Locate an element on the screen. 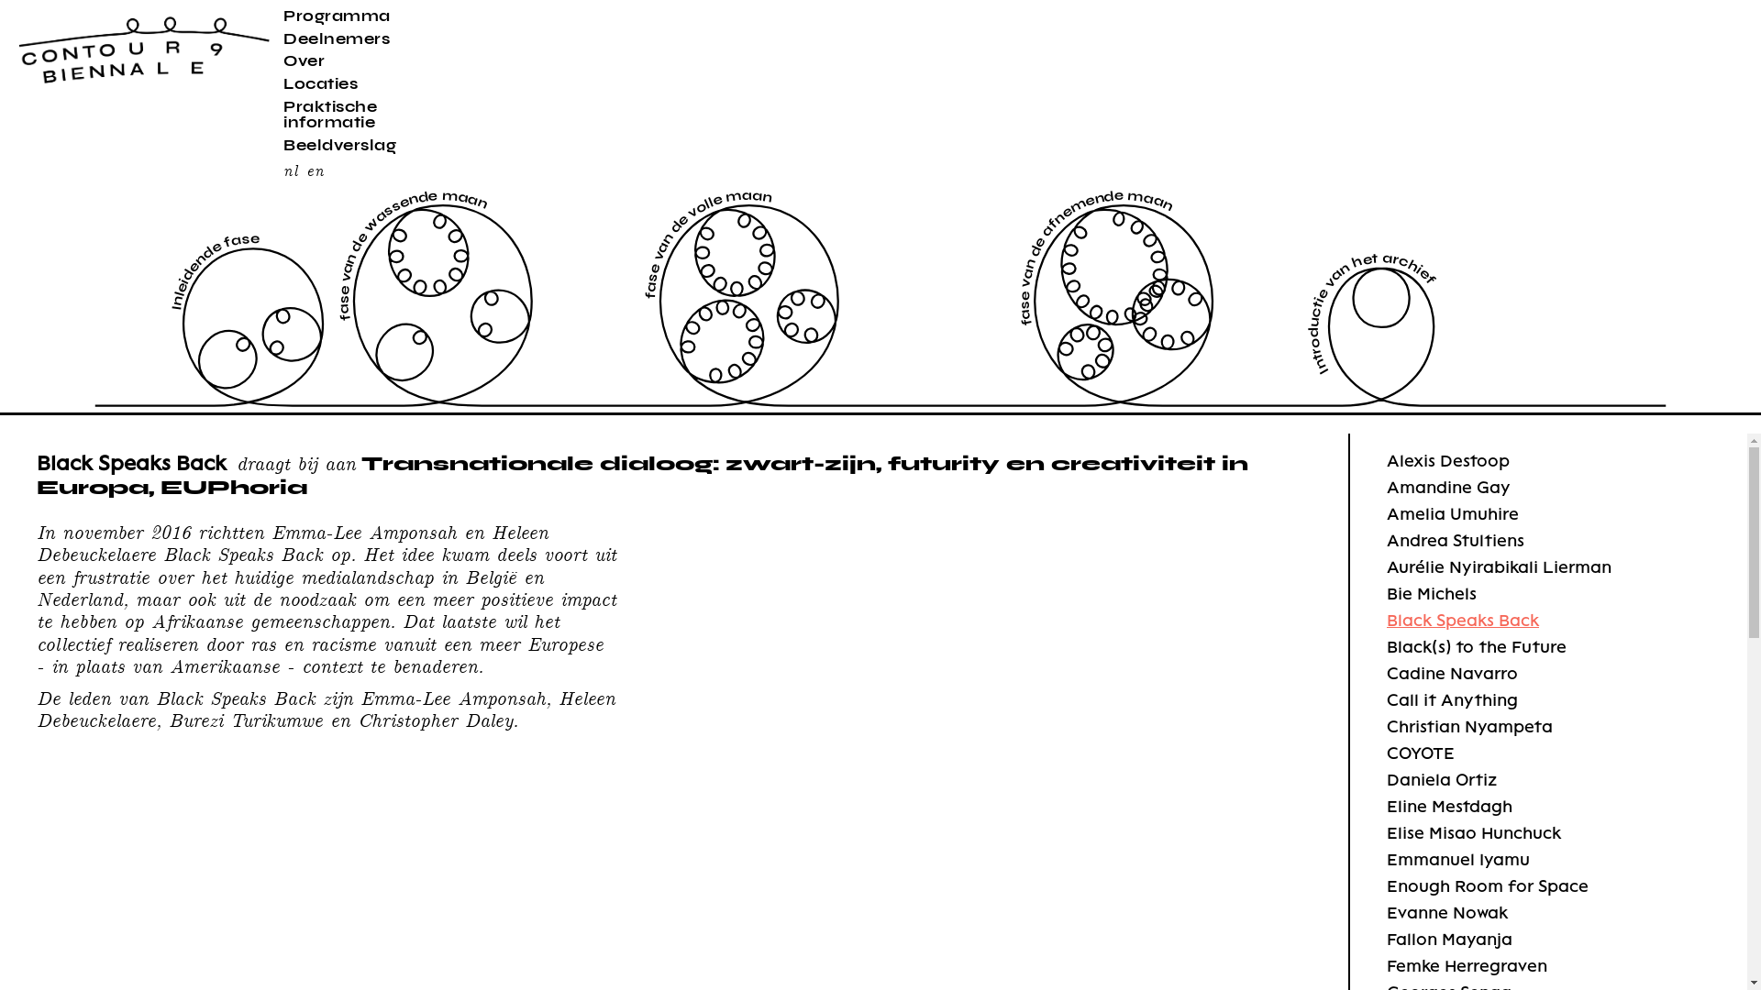 The height and width of the screenshot is (990, 1761). 'Femke Herregraven' is located at coordinates (1387, 964).